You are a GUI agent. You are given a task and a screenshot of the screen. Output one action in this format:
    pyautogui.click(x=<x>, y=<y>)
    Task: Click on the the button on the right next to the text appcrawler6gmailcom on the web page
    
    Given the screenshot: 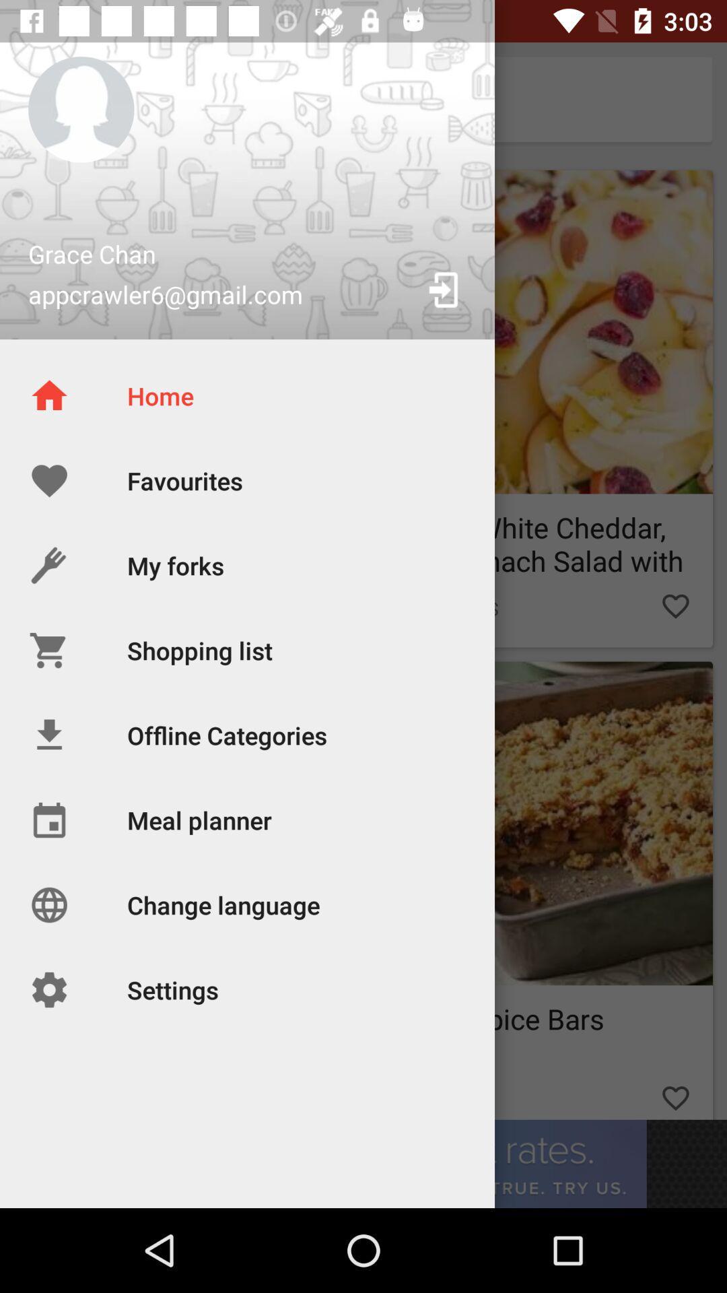 What is the action you would take?
    pyautogui.click(x=445, y=289)
    